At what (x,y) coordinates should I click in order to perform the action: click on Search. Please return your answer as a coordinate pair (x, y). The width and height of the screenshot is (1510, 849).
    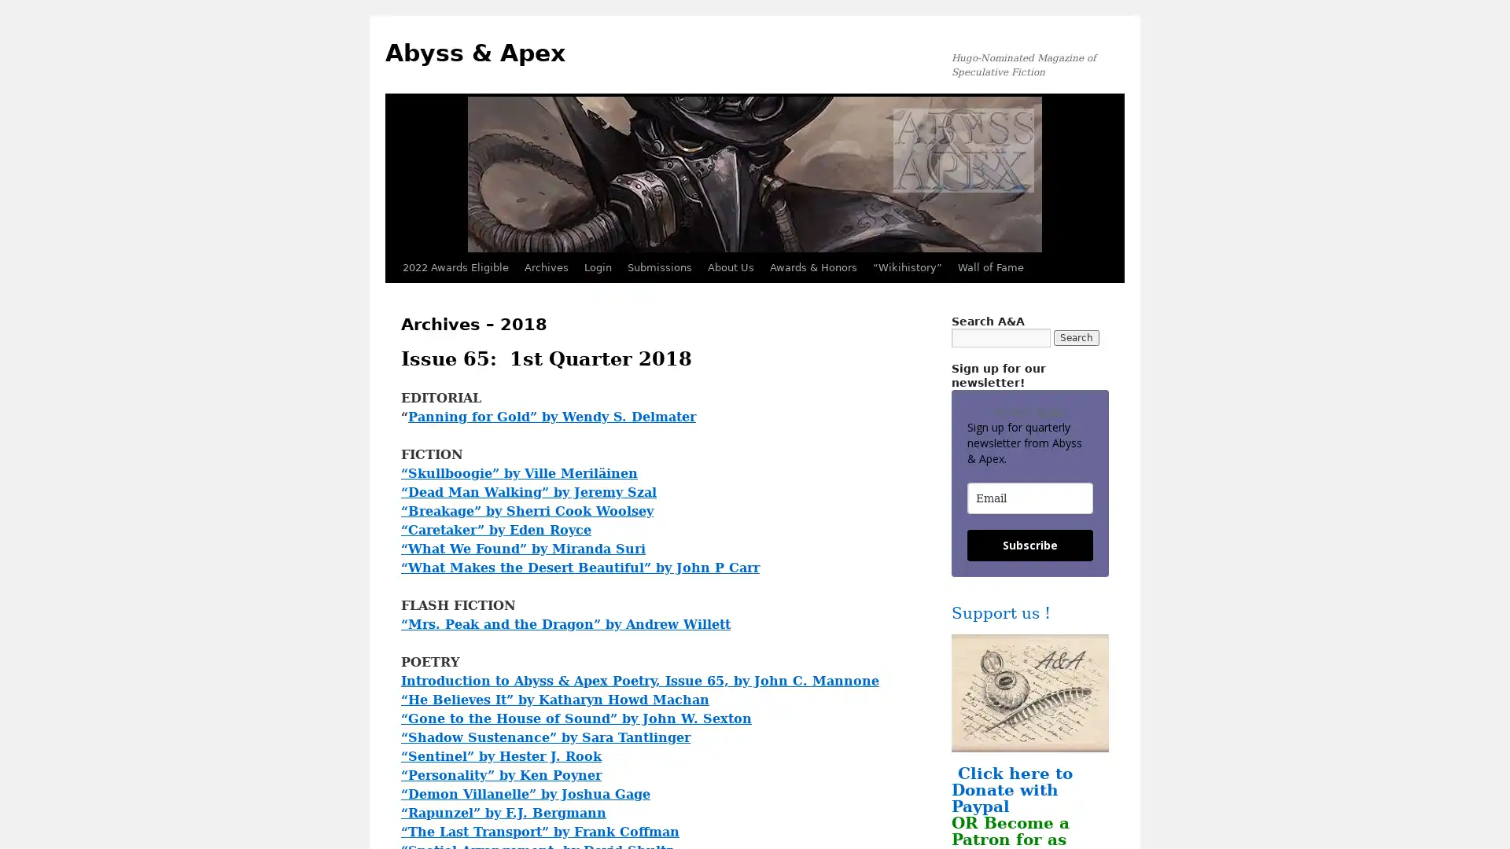
    Looking at the image, I should click on (1075, 336).